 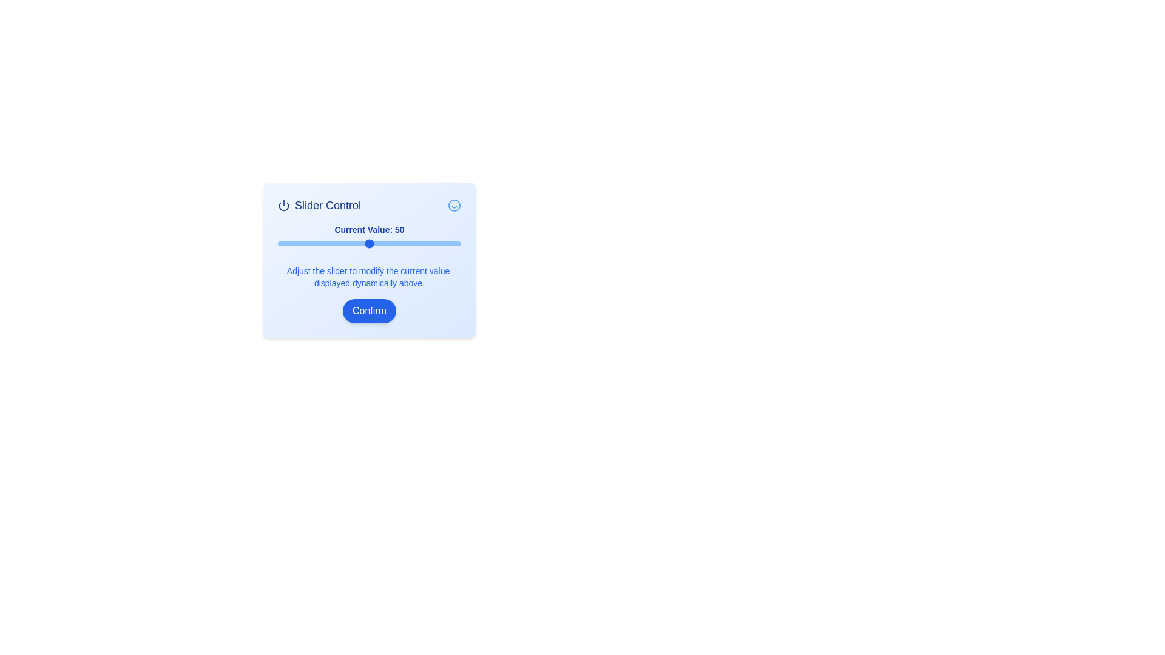 What do you see at coordinates (285, 243) in the screenshot?
I see `the slider's value` at bounding box center [285, 243].